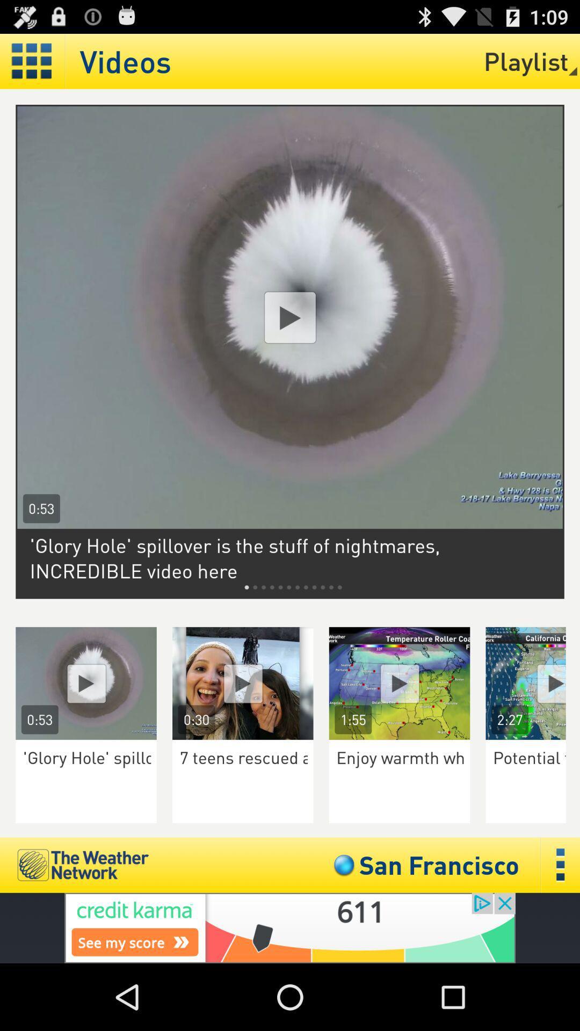  I want to click on open video, so click(243, 683).